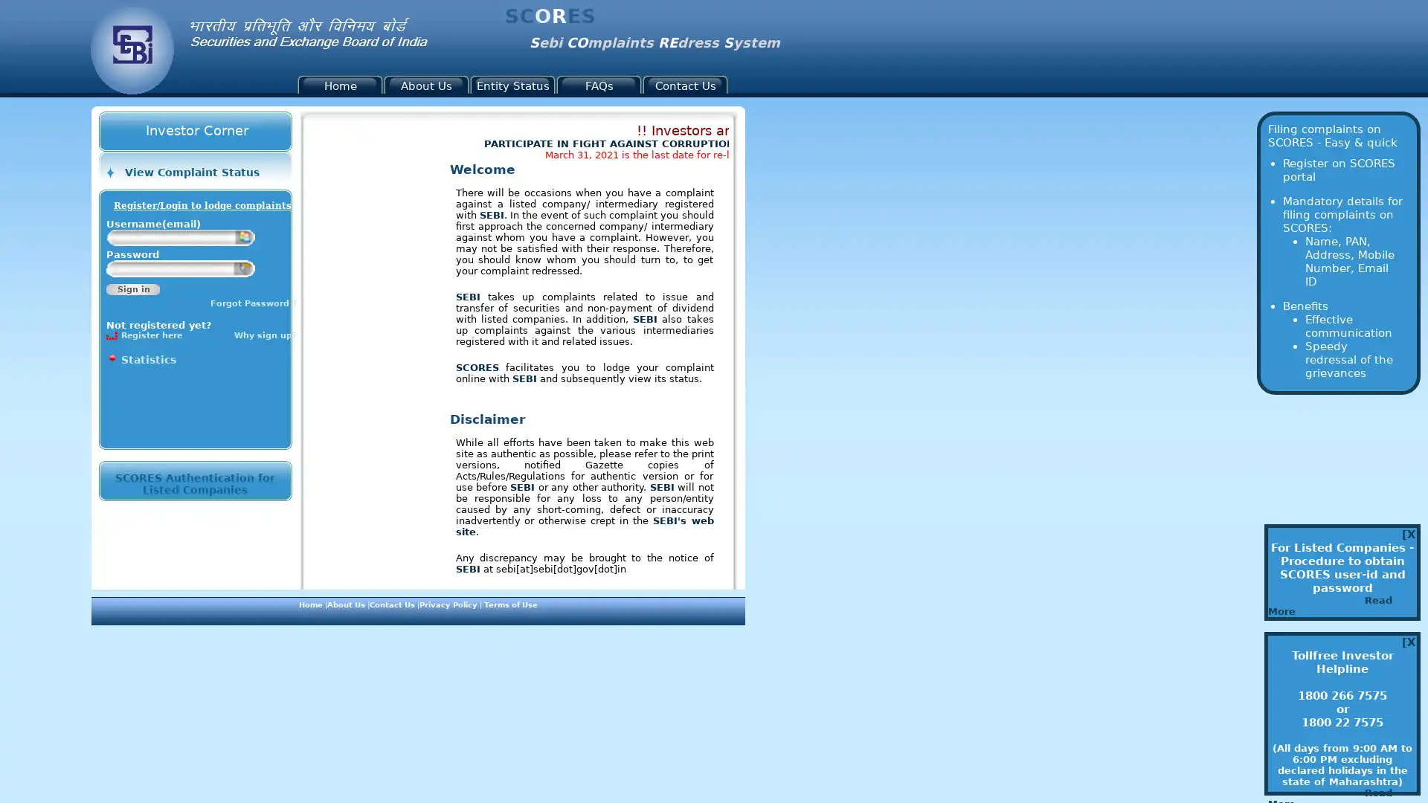  I want to click on Sign in, so click(133, 290).